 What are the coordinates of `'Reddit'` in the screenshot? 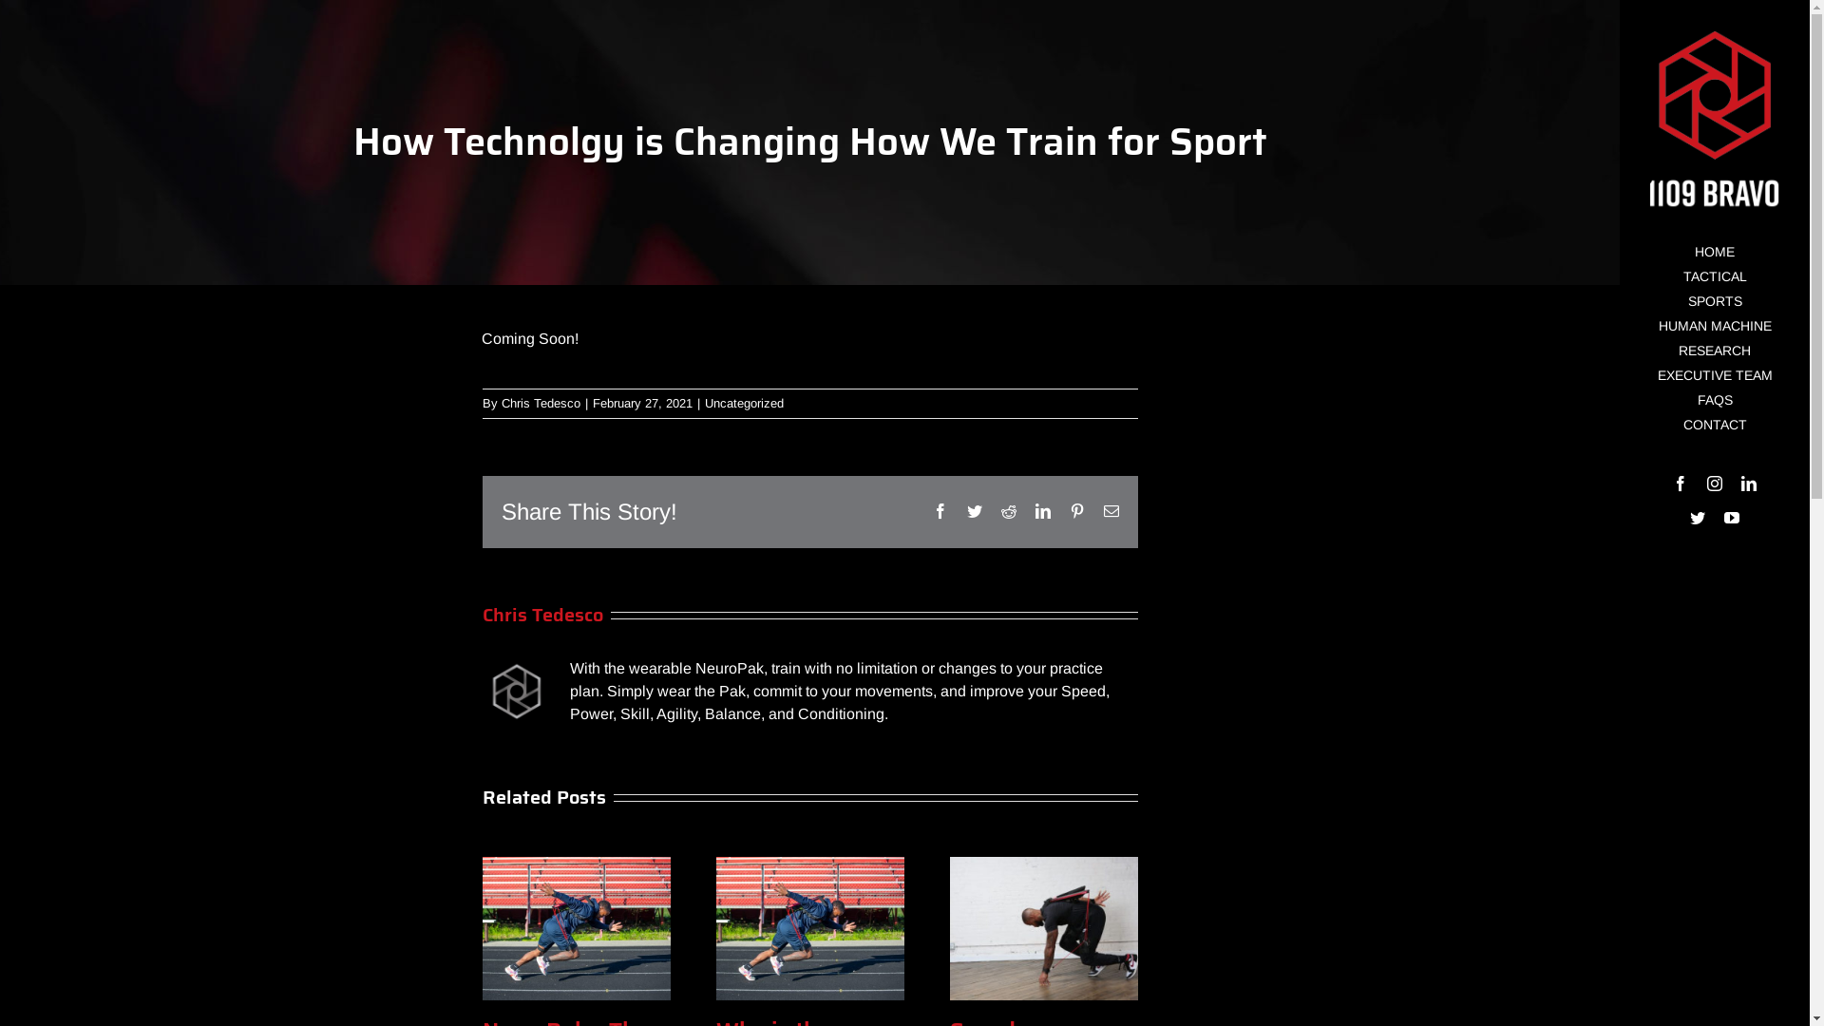 It's located at (1007, 509).